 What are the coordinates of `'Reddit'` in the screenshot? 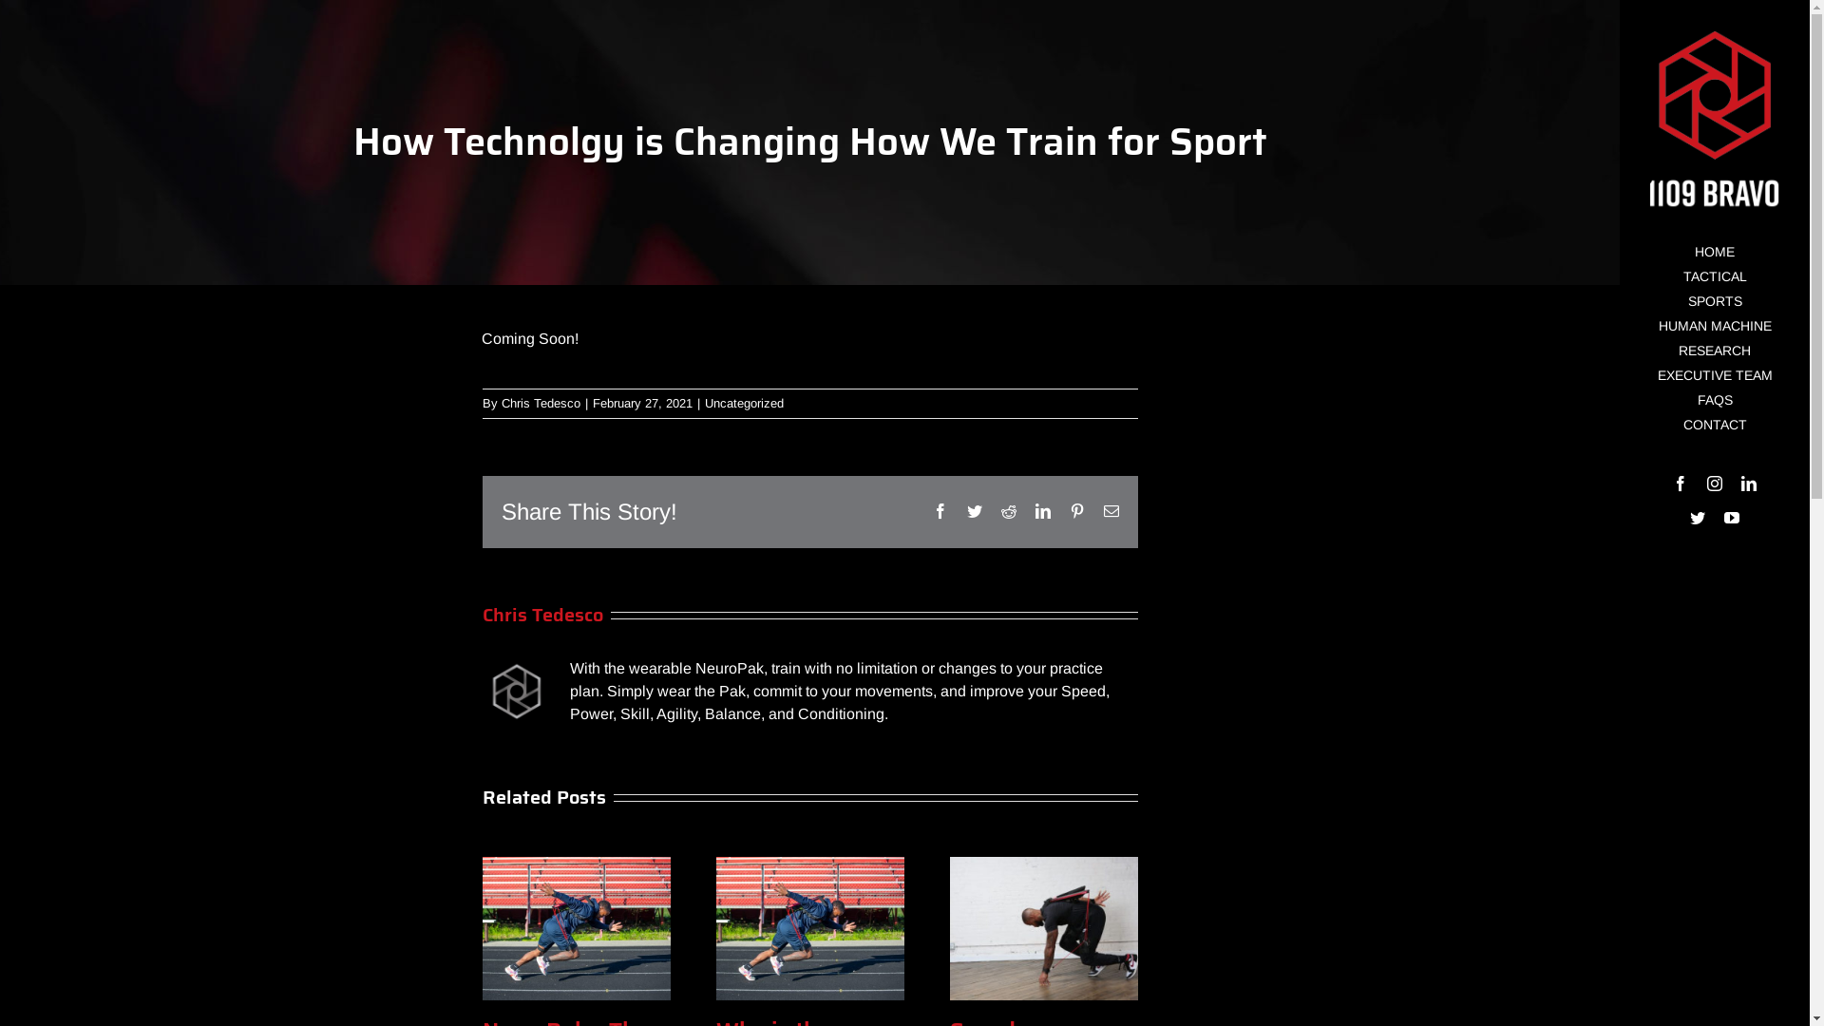 It's located at (1007, 509).